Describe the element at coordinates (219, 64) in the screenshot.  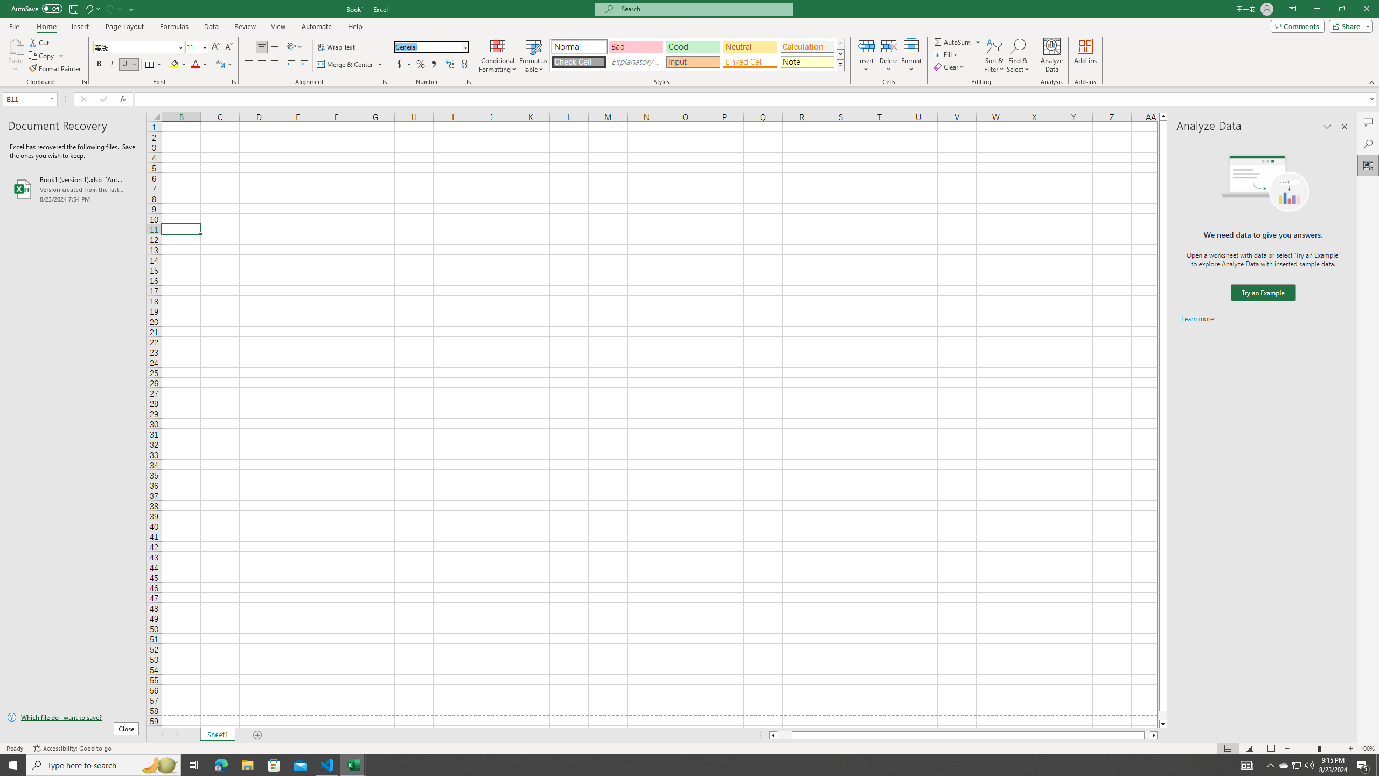
I see `'Show Phonetic Field'` at that location.